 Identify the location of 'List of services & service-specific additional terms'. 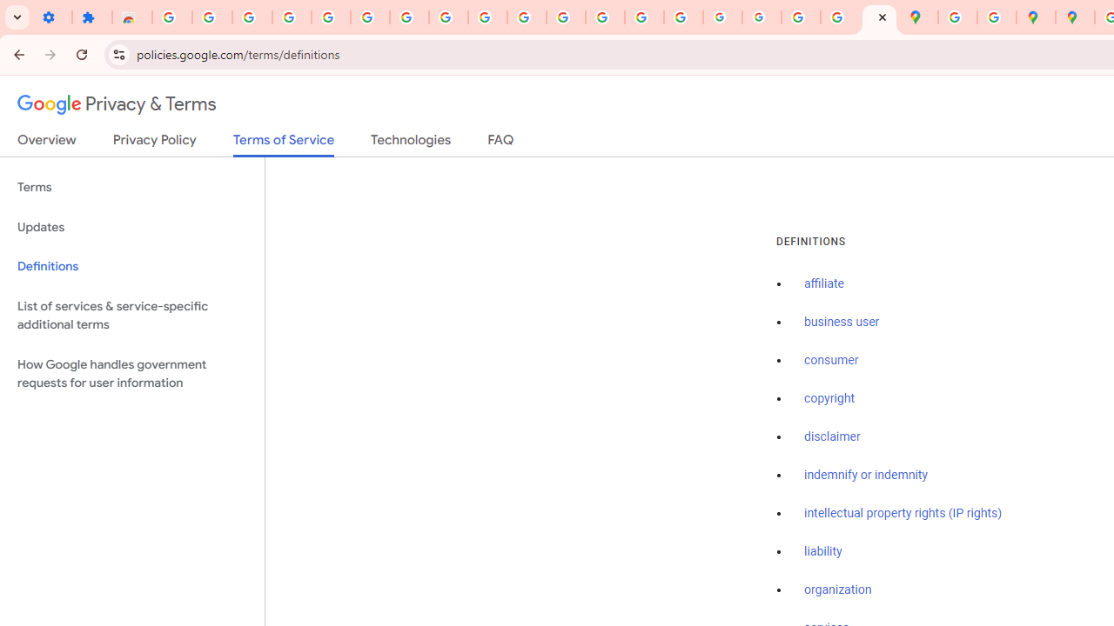
(131, 315).